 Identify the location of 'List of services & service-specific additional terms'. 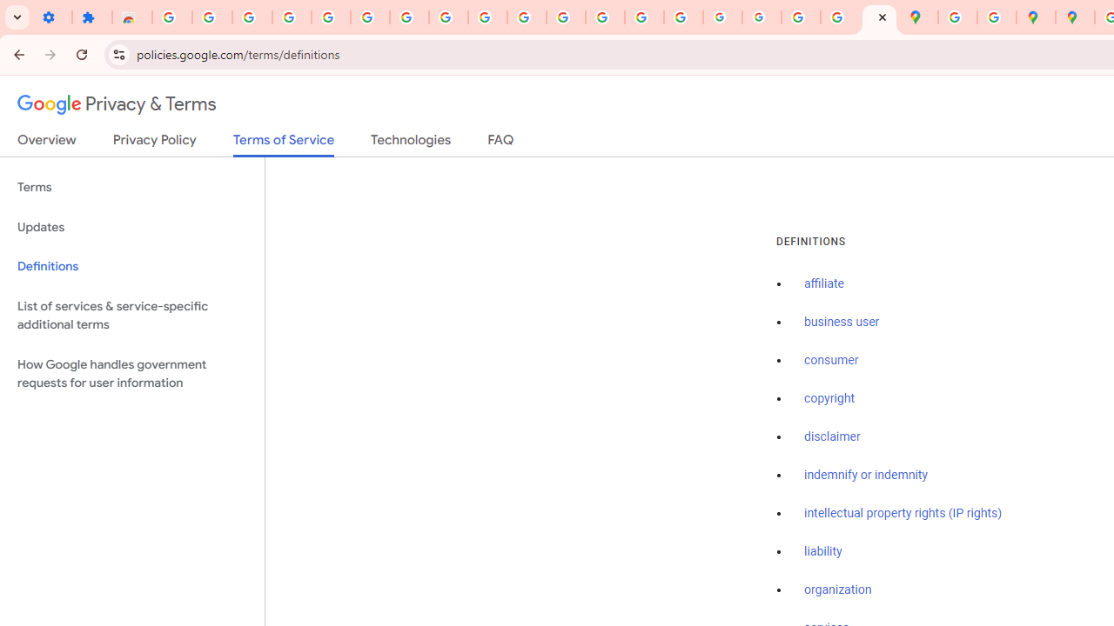
(131, 315).